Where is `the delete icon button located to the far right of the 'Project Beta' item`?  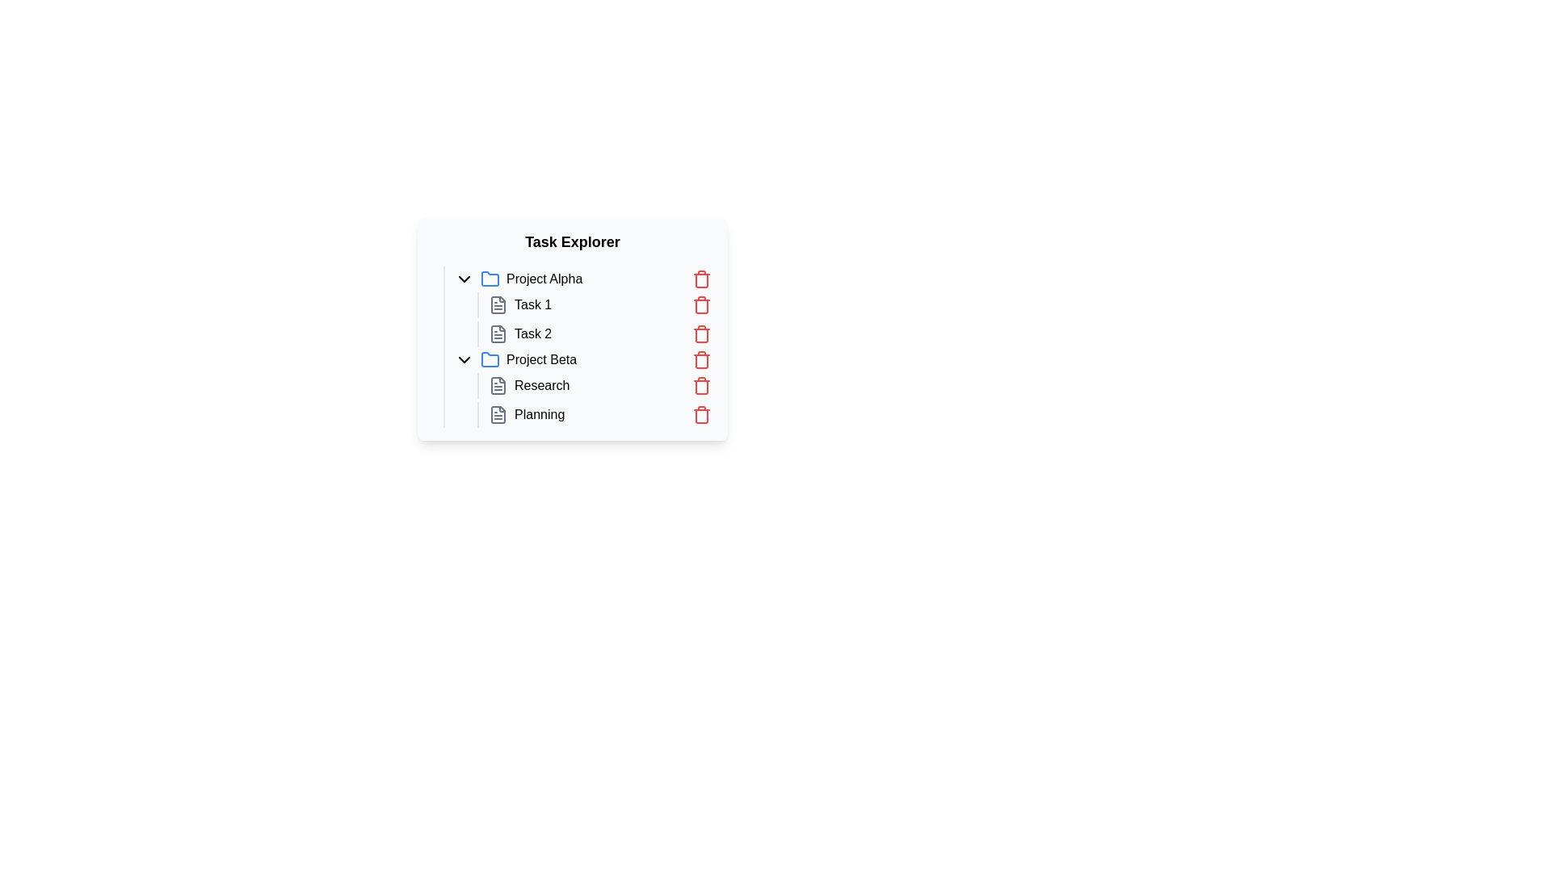 the delete icon button located to the far right of the 'Project Beta' item is located at coordinates (701, 359).